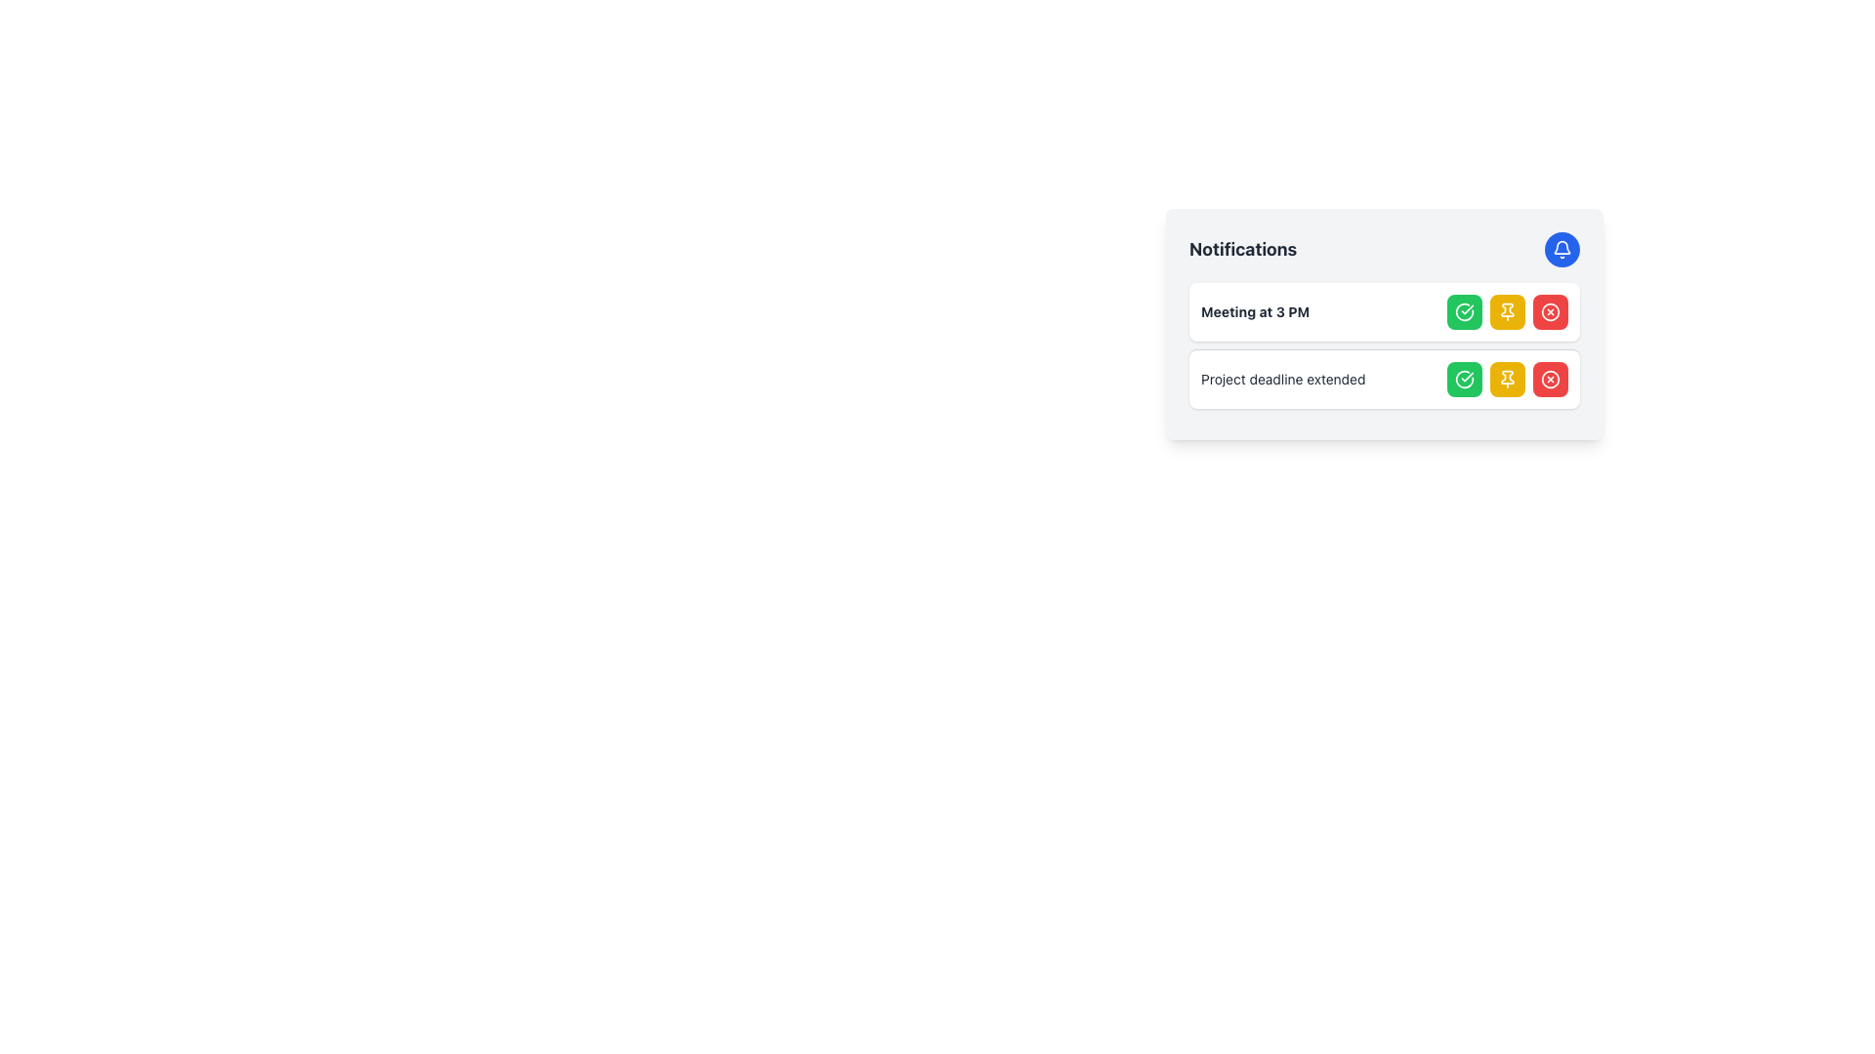 The image size is (1875, 1054). What do you see at coordinates (1561, 248) in the screenshot?
I see `the circular blue button with a white bell icon located at the top-right corner of the 'Notifications' section` at bounding box center [1561, 248].